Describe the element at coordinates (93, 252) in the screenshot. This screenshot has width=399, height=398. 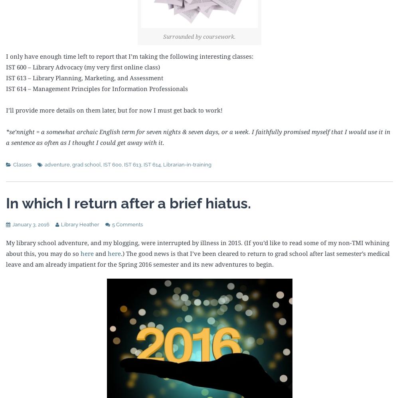
I see `'and'` at that location.